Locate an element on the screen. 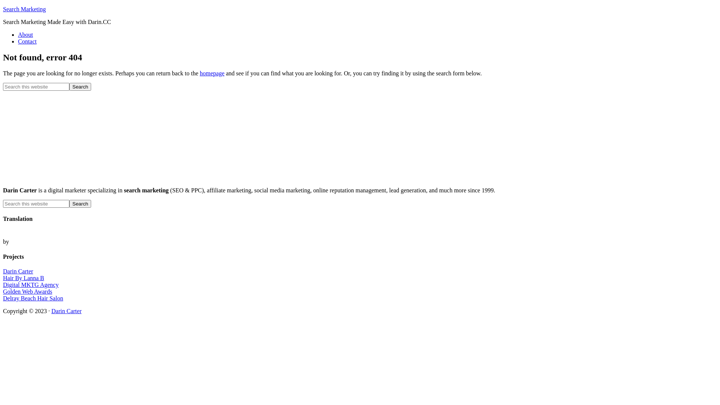  'Darin Carter' is located at coordinates (66, 311).